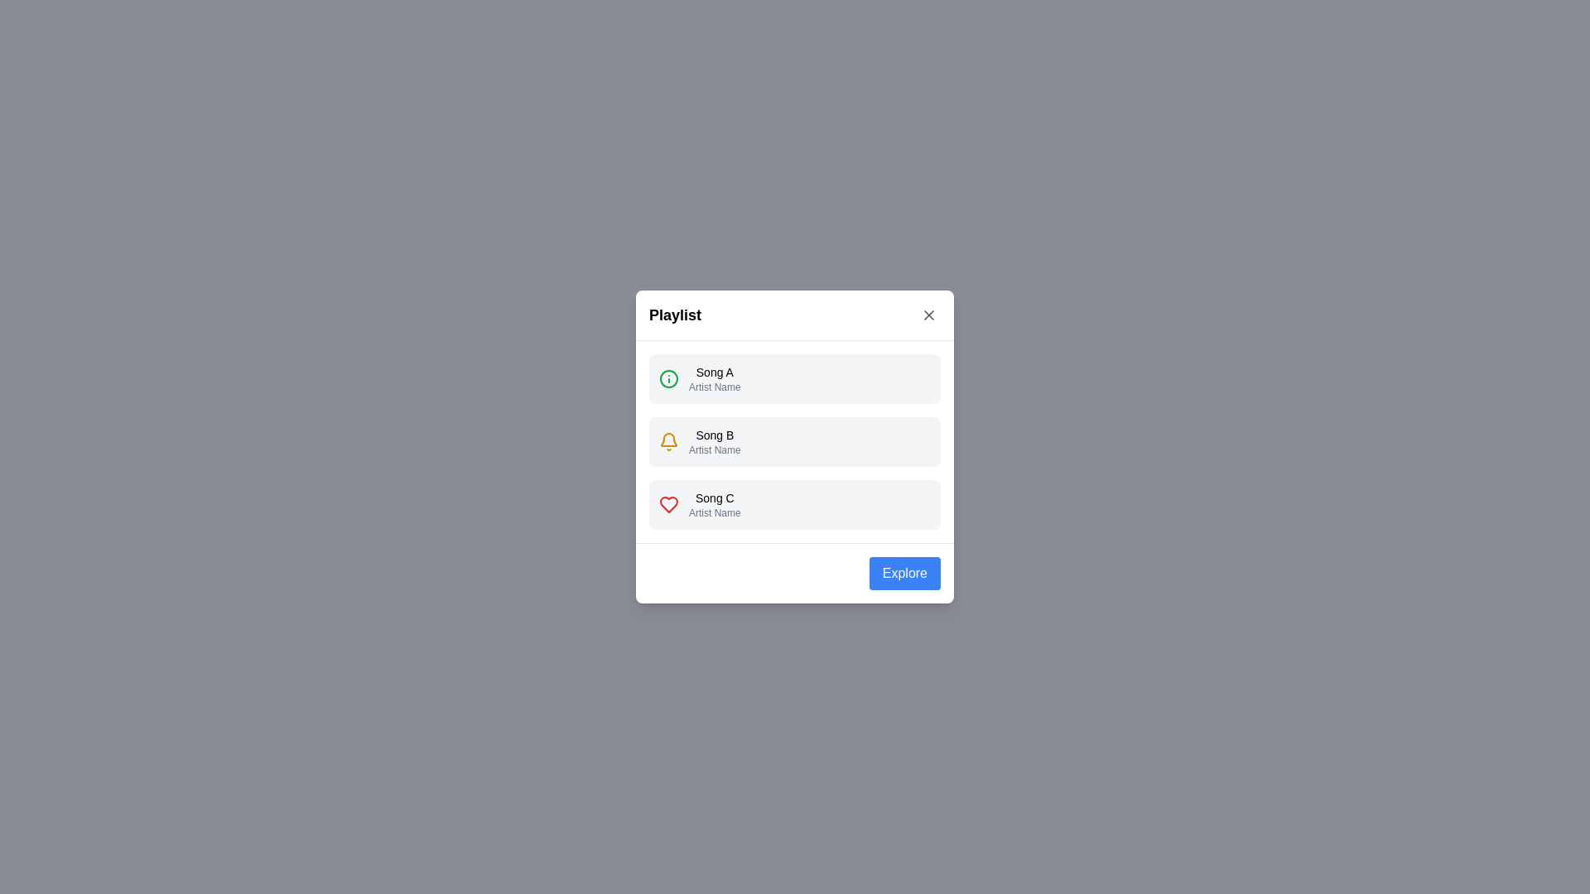  Describe the element at coordinates (795, 379) in the screenshot. I see `the first list item in the playlist, which contains the title 'Song A' and the subtitle 'Artist Name'` at that location.